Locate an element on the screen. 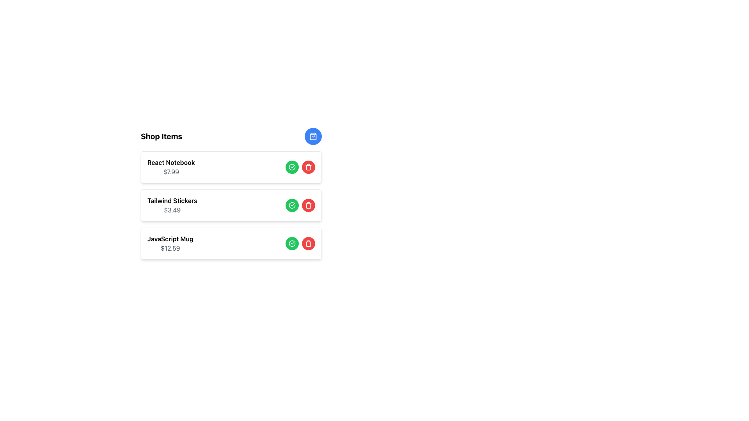  the button located at the rightmost end of the 'Shop Items' section header is located at coordinates (313, 136).